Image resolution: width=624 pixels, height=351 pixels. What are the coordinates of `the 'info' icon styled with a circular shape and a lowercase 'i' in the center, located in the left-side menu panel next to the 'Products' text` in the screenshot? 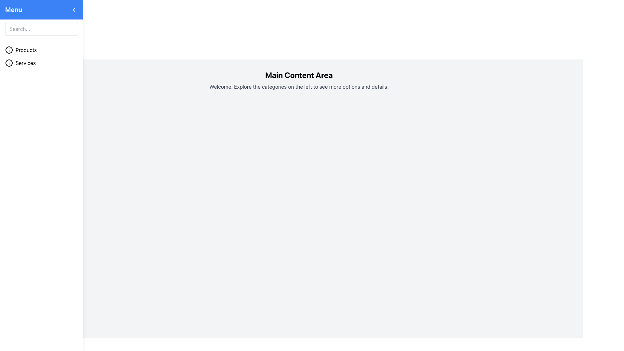 It's located at (9, 50).